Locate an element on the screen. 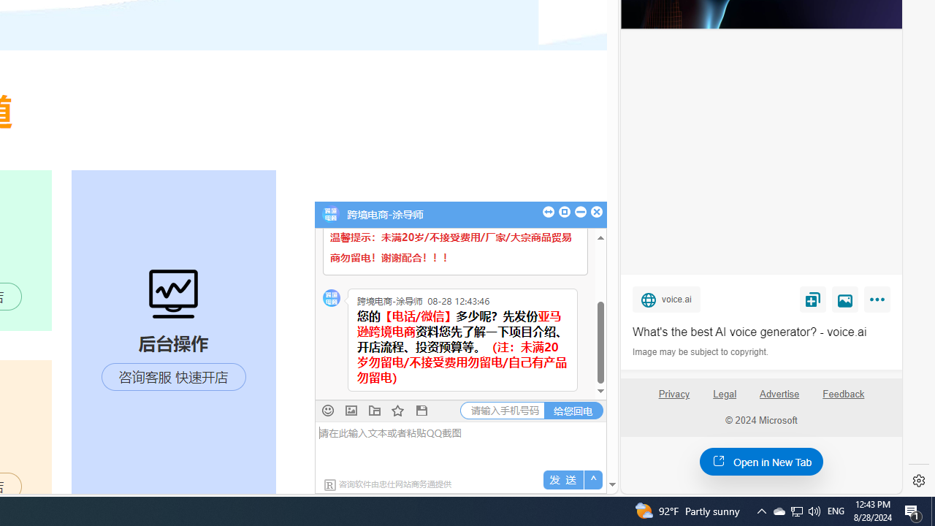  'Image may be subject to copyright.' is located at coordinates (701, 352).